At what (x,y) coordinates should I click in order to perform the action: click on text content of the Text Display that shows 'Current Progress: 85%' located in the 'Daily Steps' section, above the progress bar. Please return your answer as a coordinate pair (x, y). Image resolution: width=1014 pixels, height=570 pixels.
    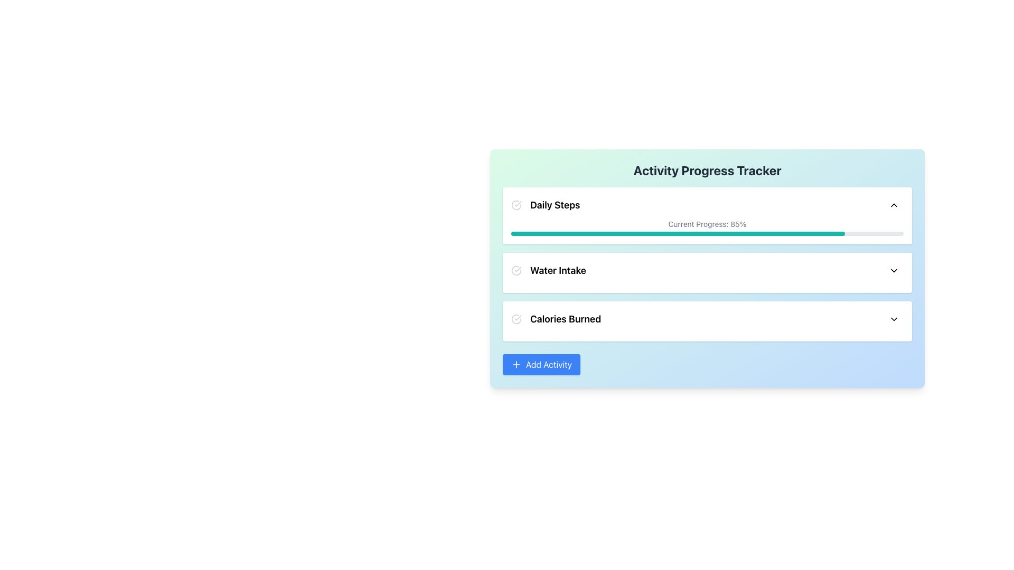
    Looking at the image, I should click on (707, 223).